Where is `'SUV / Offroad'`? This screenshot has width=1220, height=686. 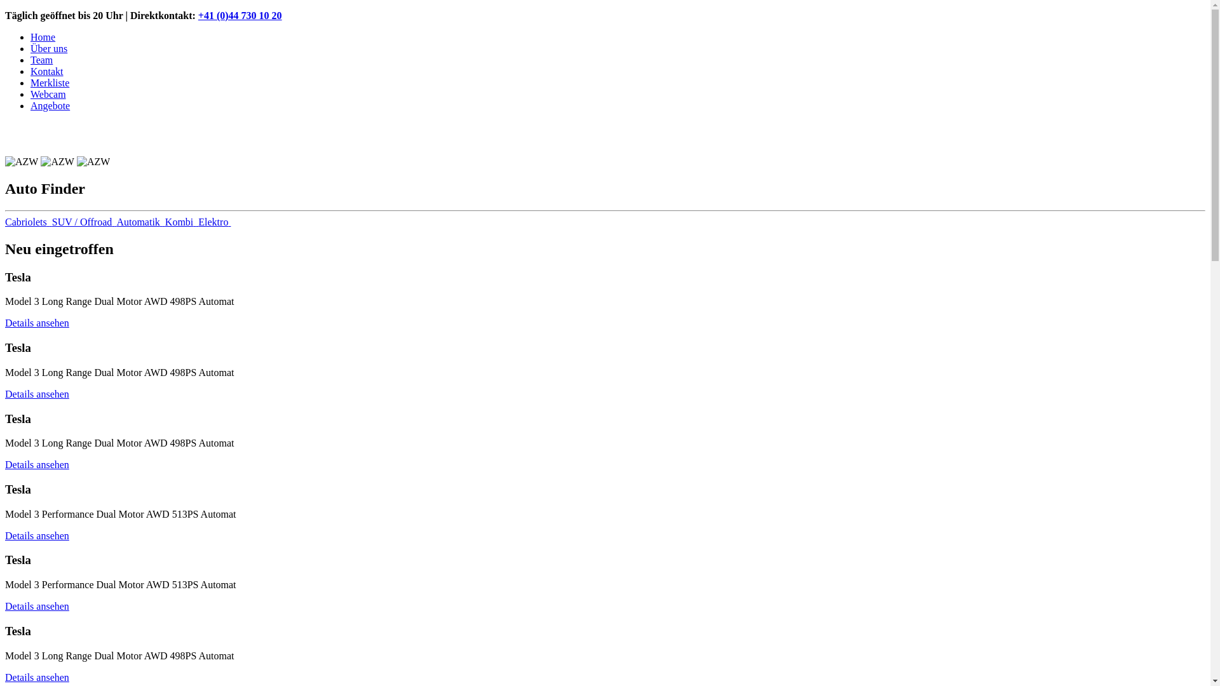 'SUV / Offroad' is located at coordinates (84, 221).